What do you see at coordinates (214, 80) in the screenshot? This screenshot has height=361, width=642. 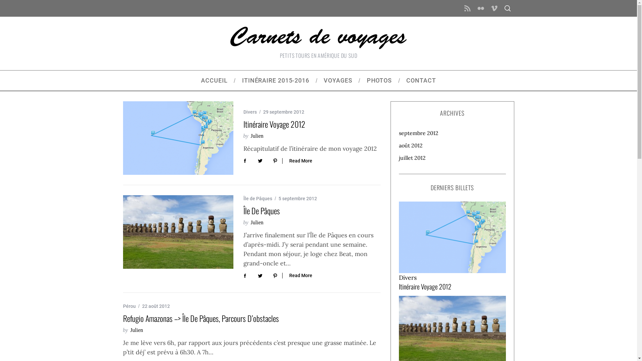 I see `'ACCUEIL'` at bounding box center [214, 80].